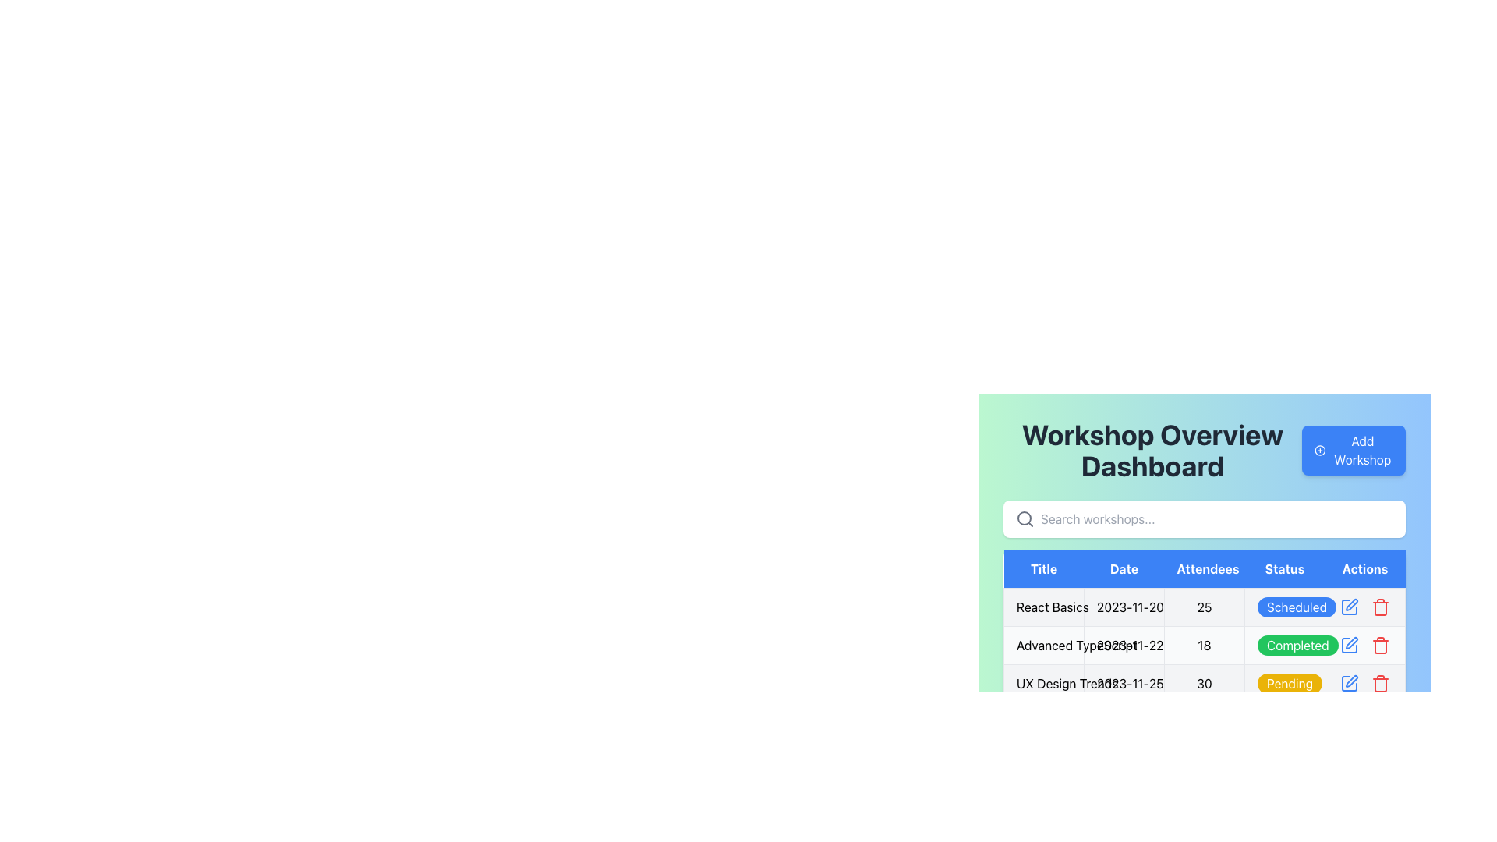 This screenshot has width=1497, height=842. Describe the element at coordinates (1297, 607) in the screenshot. I see `text on the blue rounded rectangular badge labeled 'Scheduled' located in the 'Status' column of the first row in the Workshop Overview Dashboard` at that location.